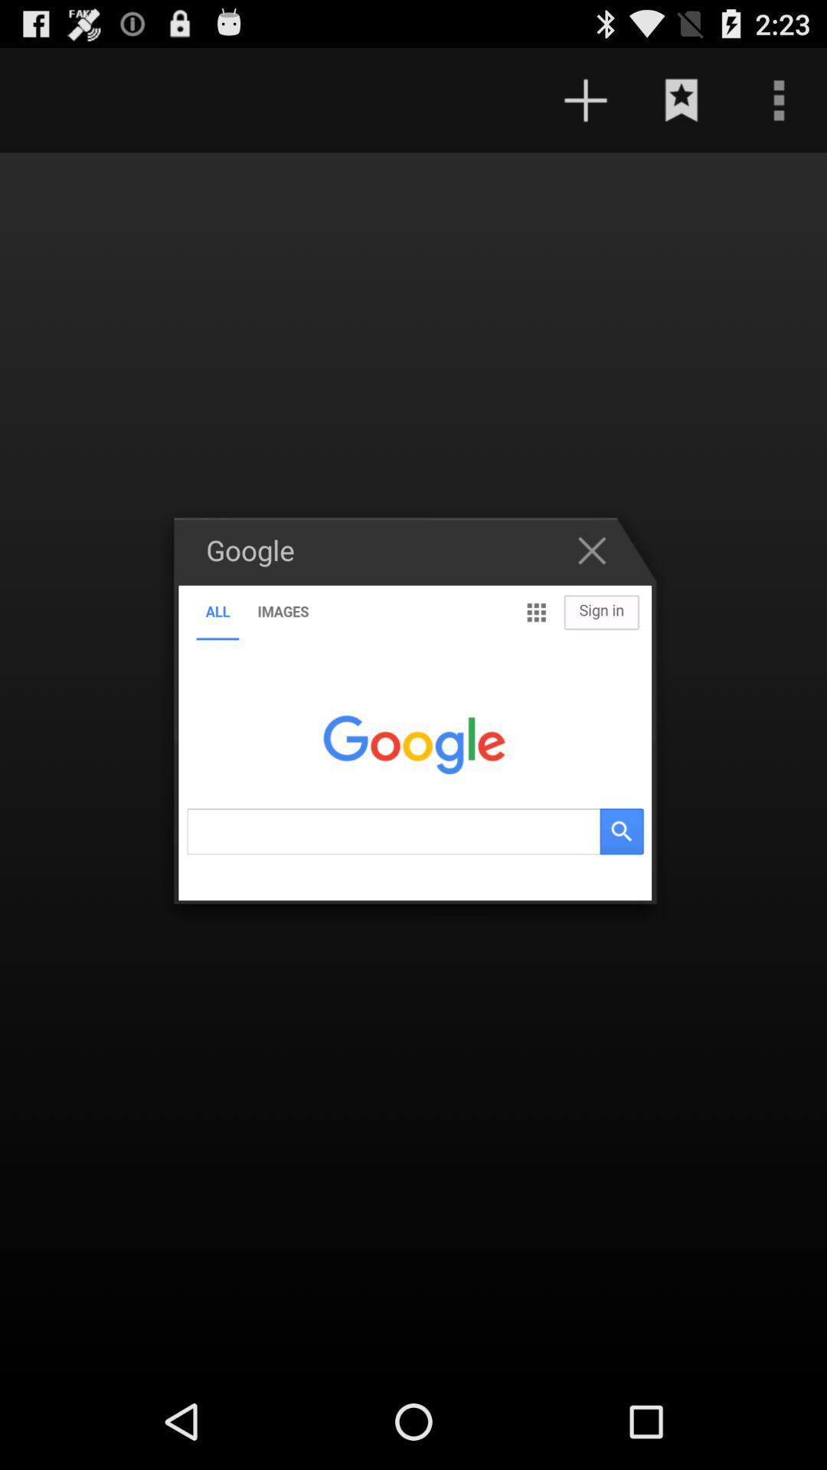 This screenshot has width=827, height=1470. I want to click on the more icon, so click(779, 106).